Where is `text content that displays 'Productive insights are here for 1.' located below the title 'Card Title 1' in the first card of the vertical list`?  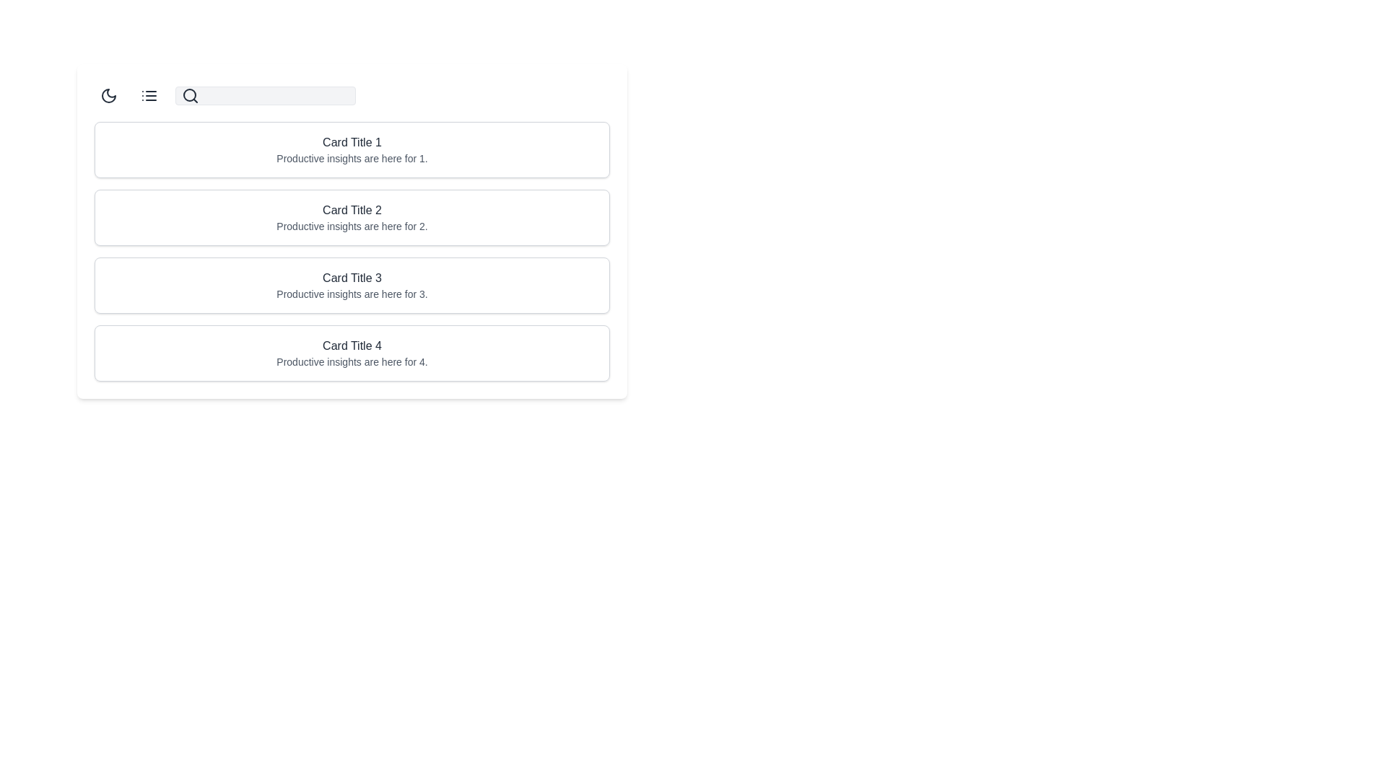
text content that displays 'Productive insights are here for 1.' located below the title 'Card Title 1' in the first card of the vertical list is located at coordinates (352, 158).